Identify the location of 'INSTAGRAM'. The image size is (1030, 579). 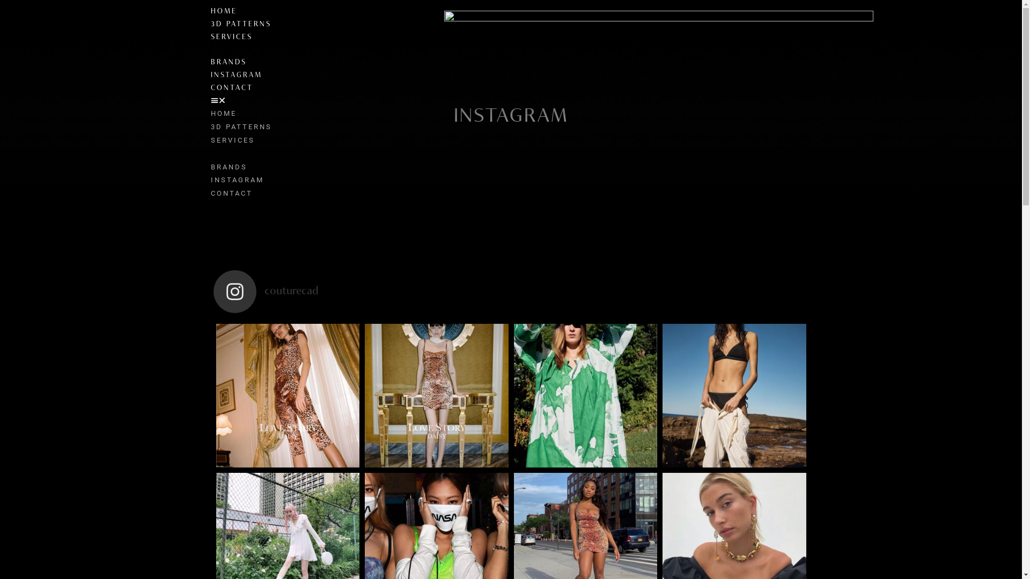
(210, 75).